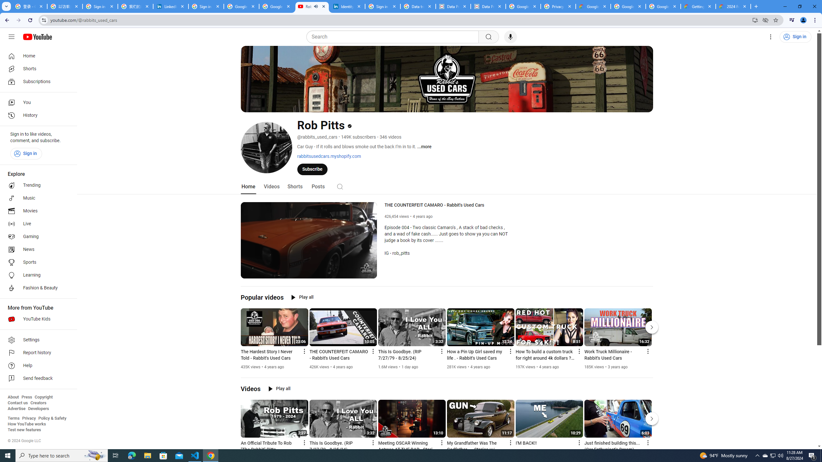  Describe the element at coordinates (36, 198) in the screenshot. I see `'Music'` at that location.